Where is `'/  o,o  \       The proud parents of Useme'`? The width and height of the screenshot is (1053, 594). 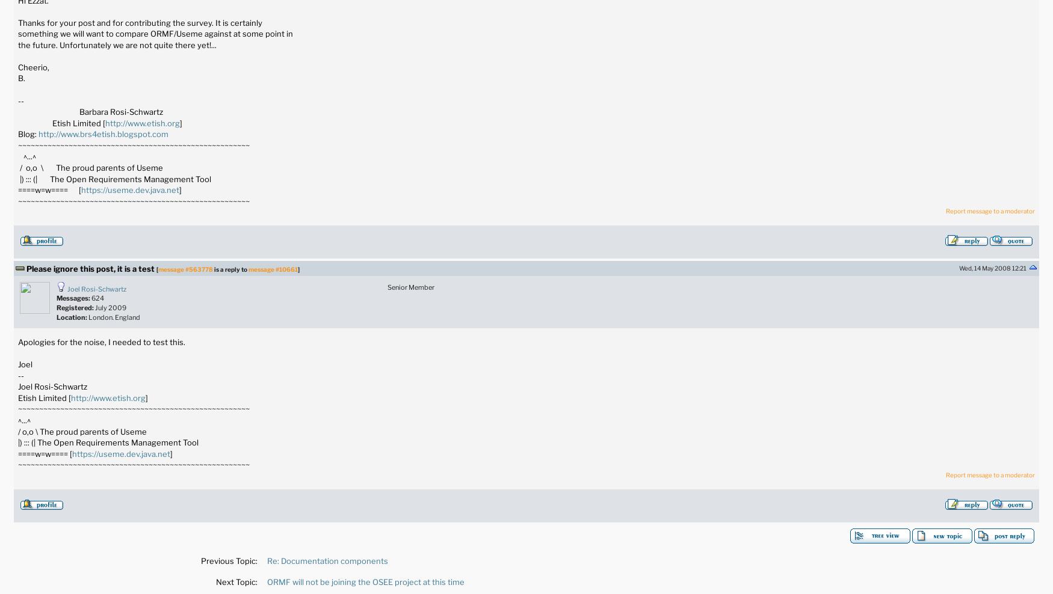
'/  o,o  \       The proud parents of Useme' is located at coordinates (81, 430).